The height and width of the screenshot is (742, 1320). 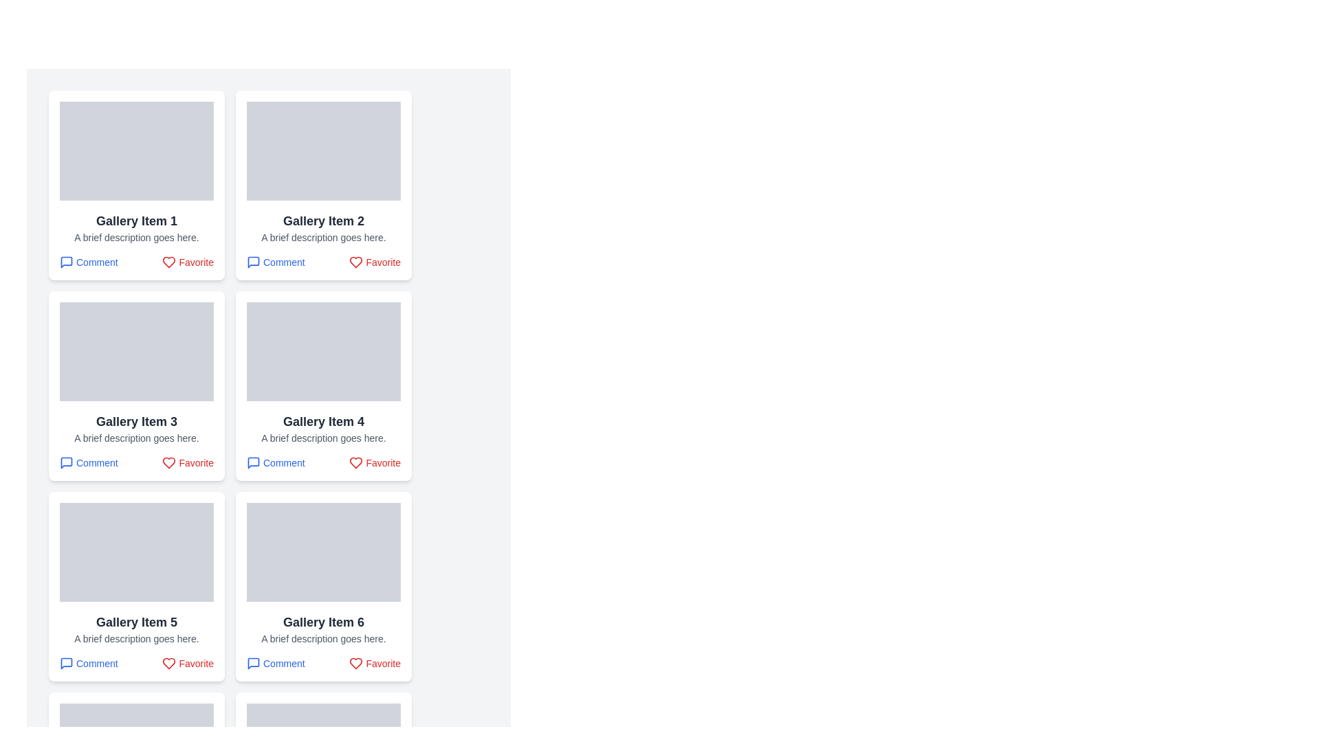 What do you see at coordinates (168, 662) in the screenshot?
I see `the heart-shaped outline icon button located to the left of the 'Favorite' label under 'Gallery Item 5'` at bounding box center [168, 662].